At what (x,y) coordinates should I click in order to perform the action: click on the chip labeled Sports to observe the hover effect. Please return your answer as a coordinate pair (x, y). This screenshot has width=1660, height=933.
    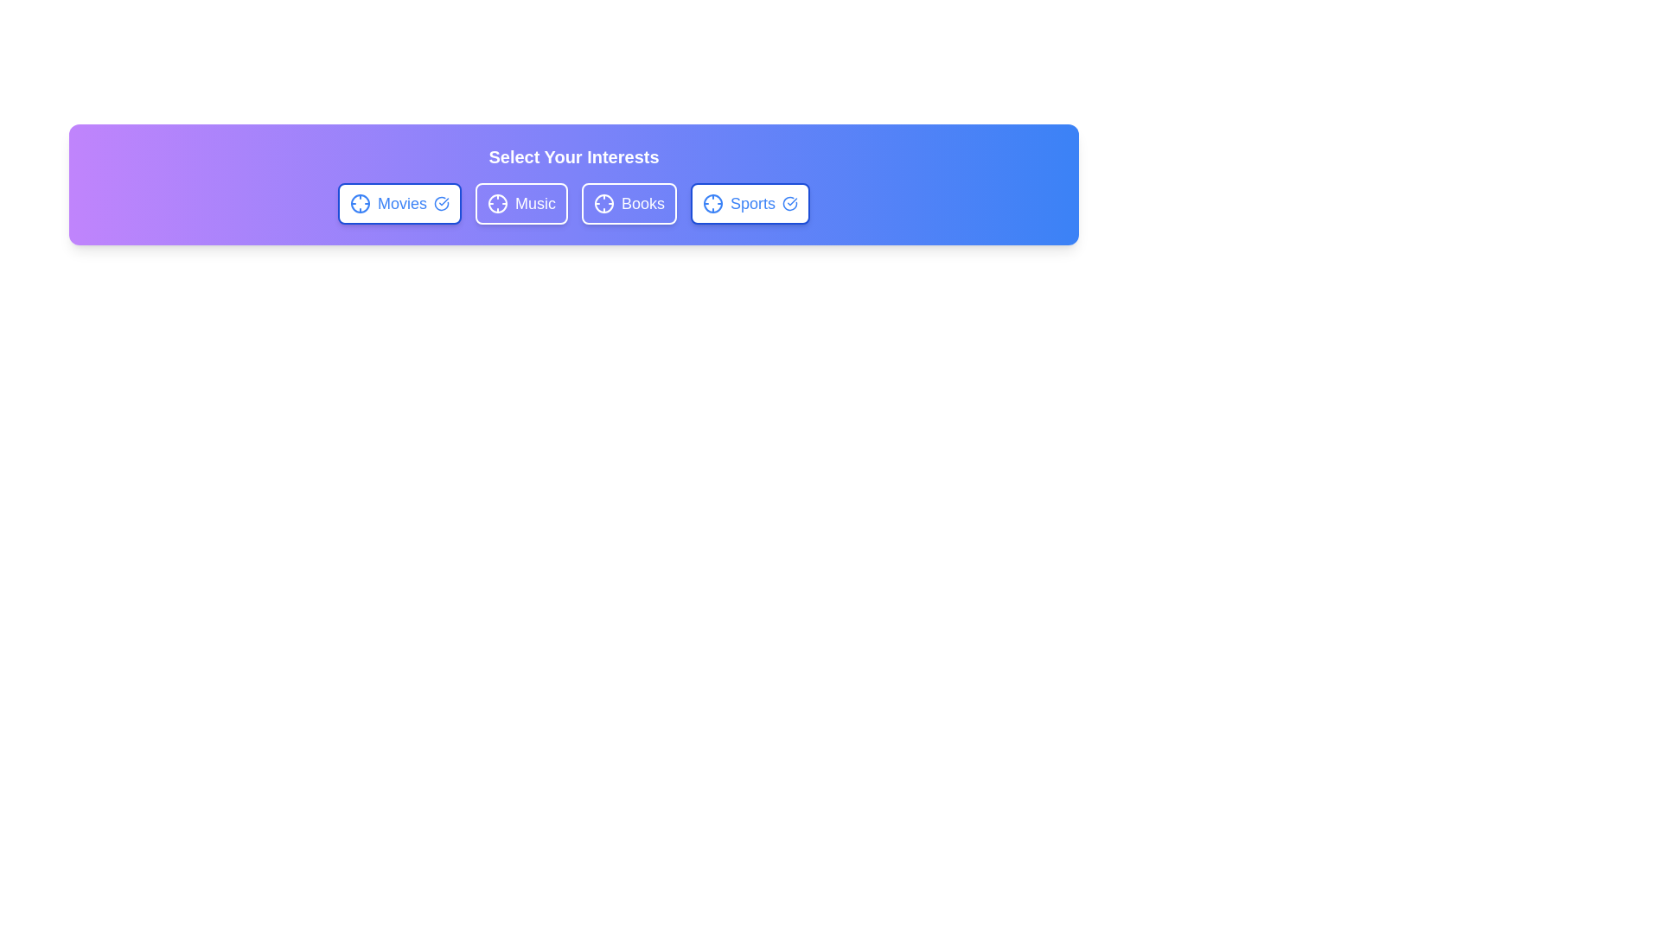
    Looking at the image, I should click on (750, 202).